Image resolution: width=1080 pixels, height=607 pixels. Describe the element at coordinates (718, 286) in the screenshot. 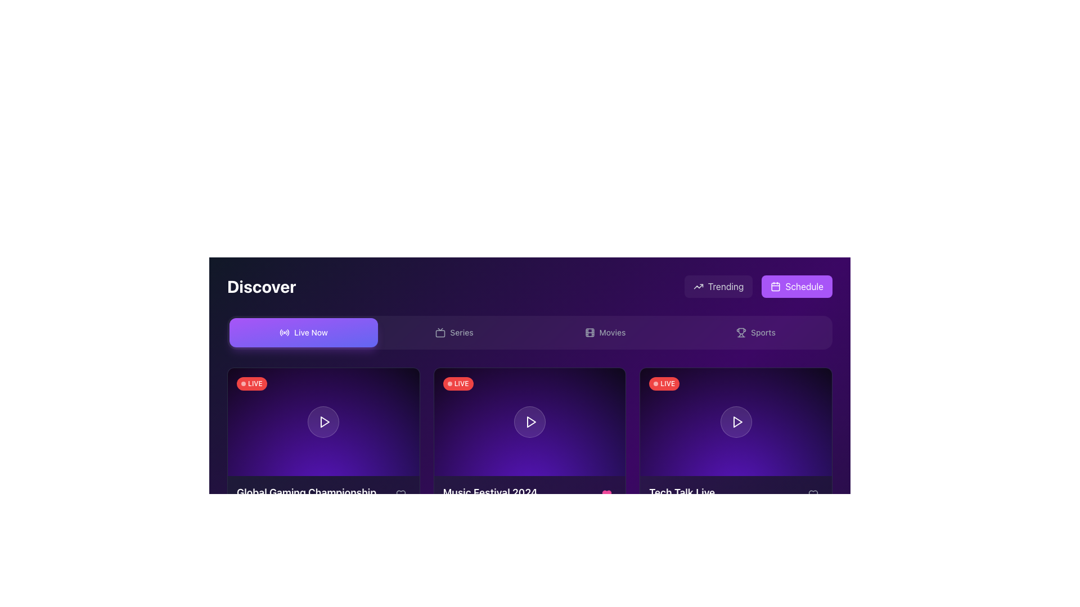

I see `the 'Trending' button located near the top-right section of the interface, specifically to the left of the 'Schedule' button` at that location.